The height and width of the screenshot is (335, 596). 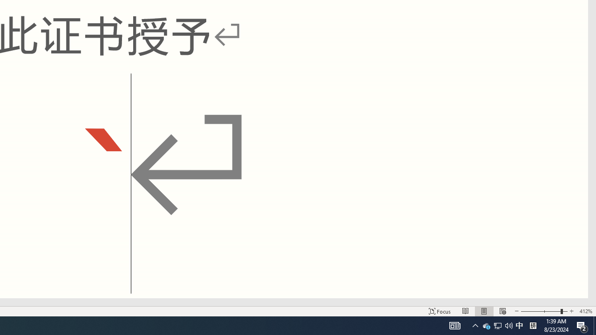 I want to click on 'Zoom 412%', so click(x=585, y=311).